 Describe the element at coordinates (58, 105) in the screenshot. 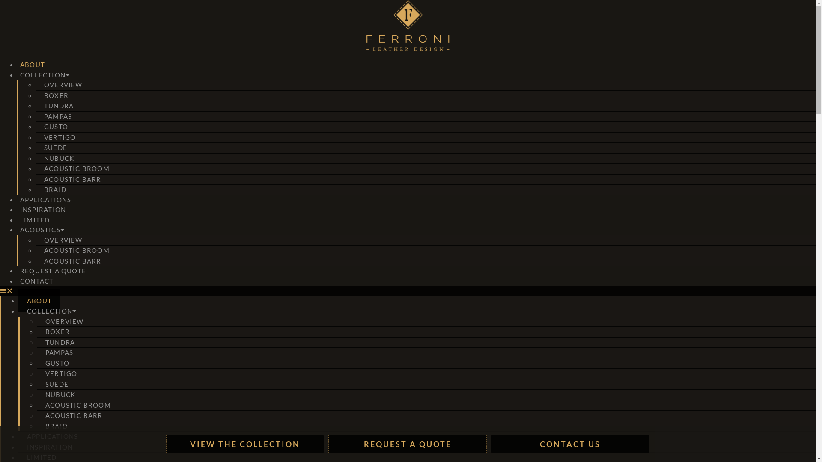

I see `'TUNDRA'` at that location.